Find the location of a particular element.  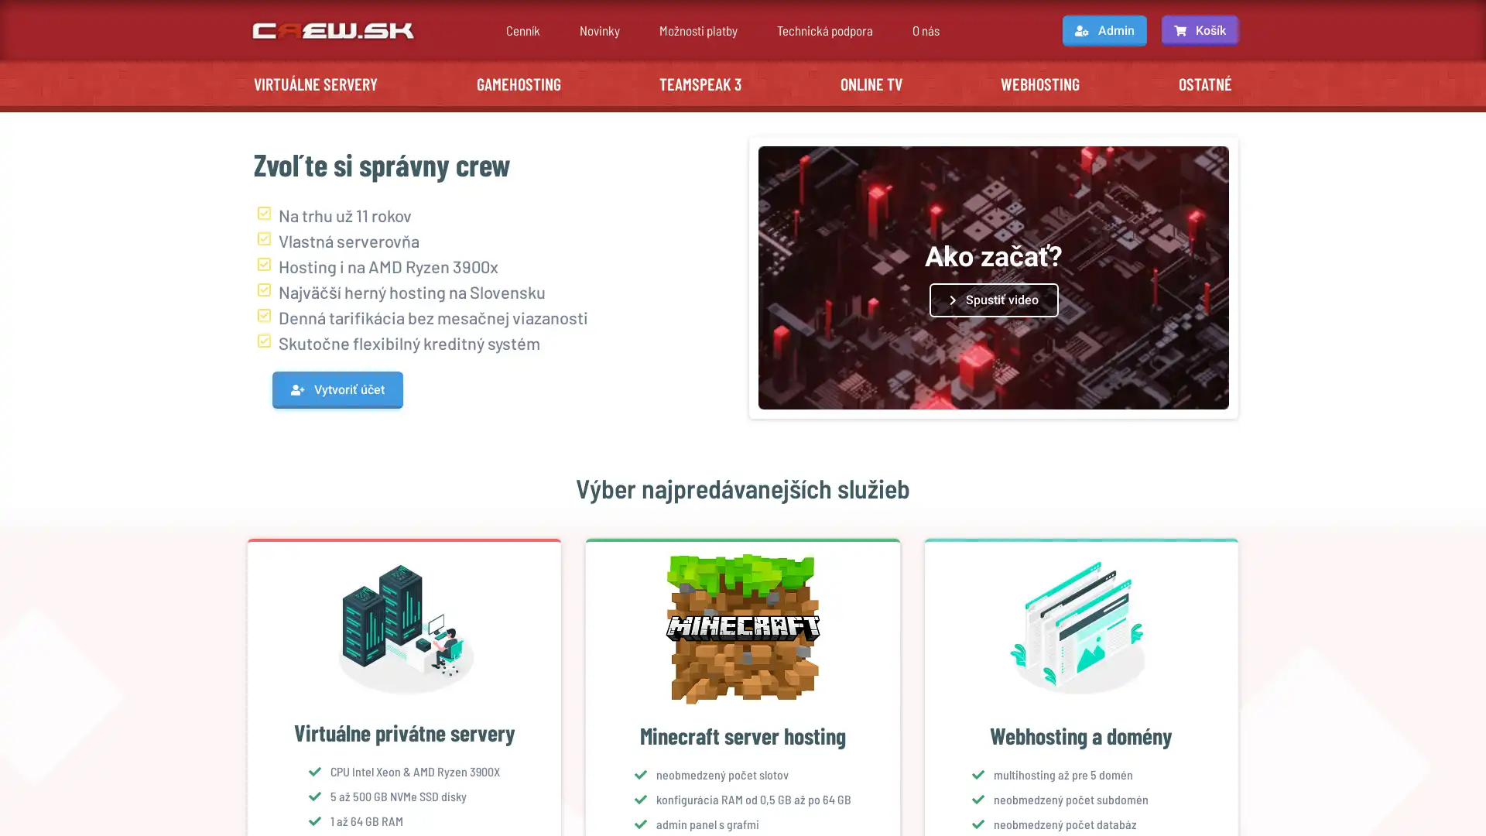

Spustit video is located at coordinates (993, 300).